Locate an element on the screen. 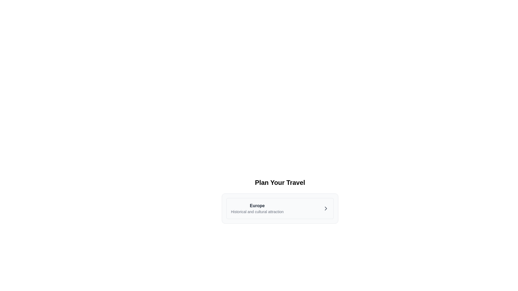 Image resolution: width=518 pixels, height=291 pixels. the text label identified as 'Europe', which serves as a title or heading above the descriptive text 'Historical and cultural attraction' is located at coordinates (257, 206).